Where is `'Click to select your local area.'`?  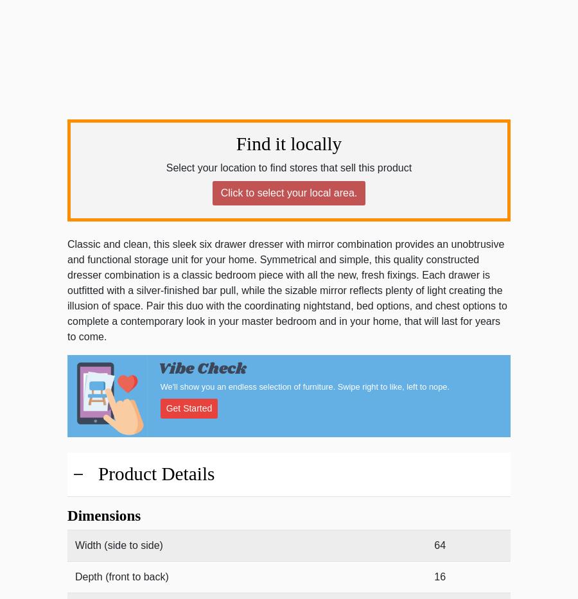 'Click to select your local area.' is located at coordinates (288, 193).